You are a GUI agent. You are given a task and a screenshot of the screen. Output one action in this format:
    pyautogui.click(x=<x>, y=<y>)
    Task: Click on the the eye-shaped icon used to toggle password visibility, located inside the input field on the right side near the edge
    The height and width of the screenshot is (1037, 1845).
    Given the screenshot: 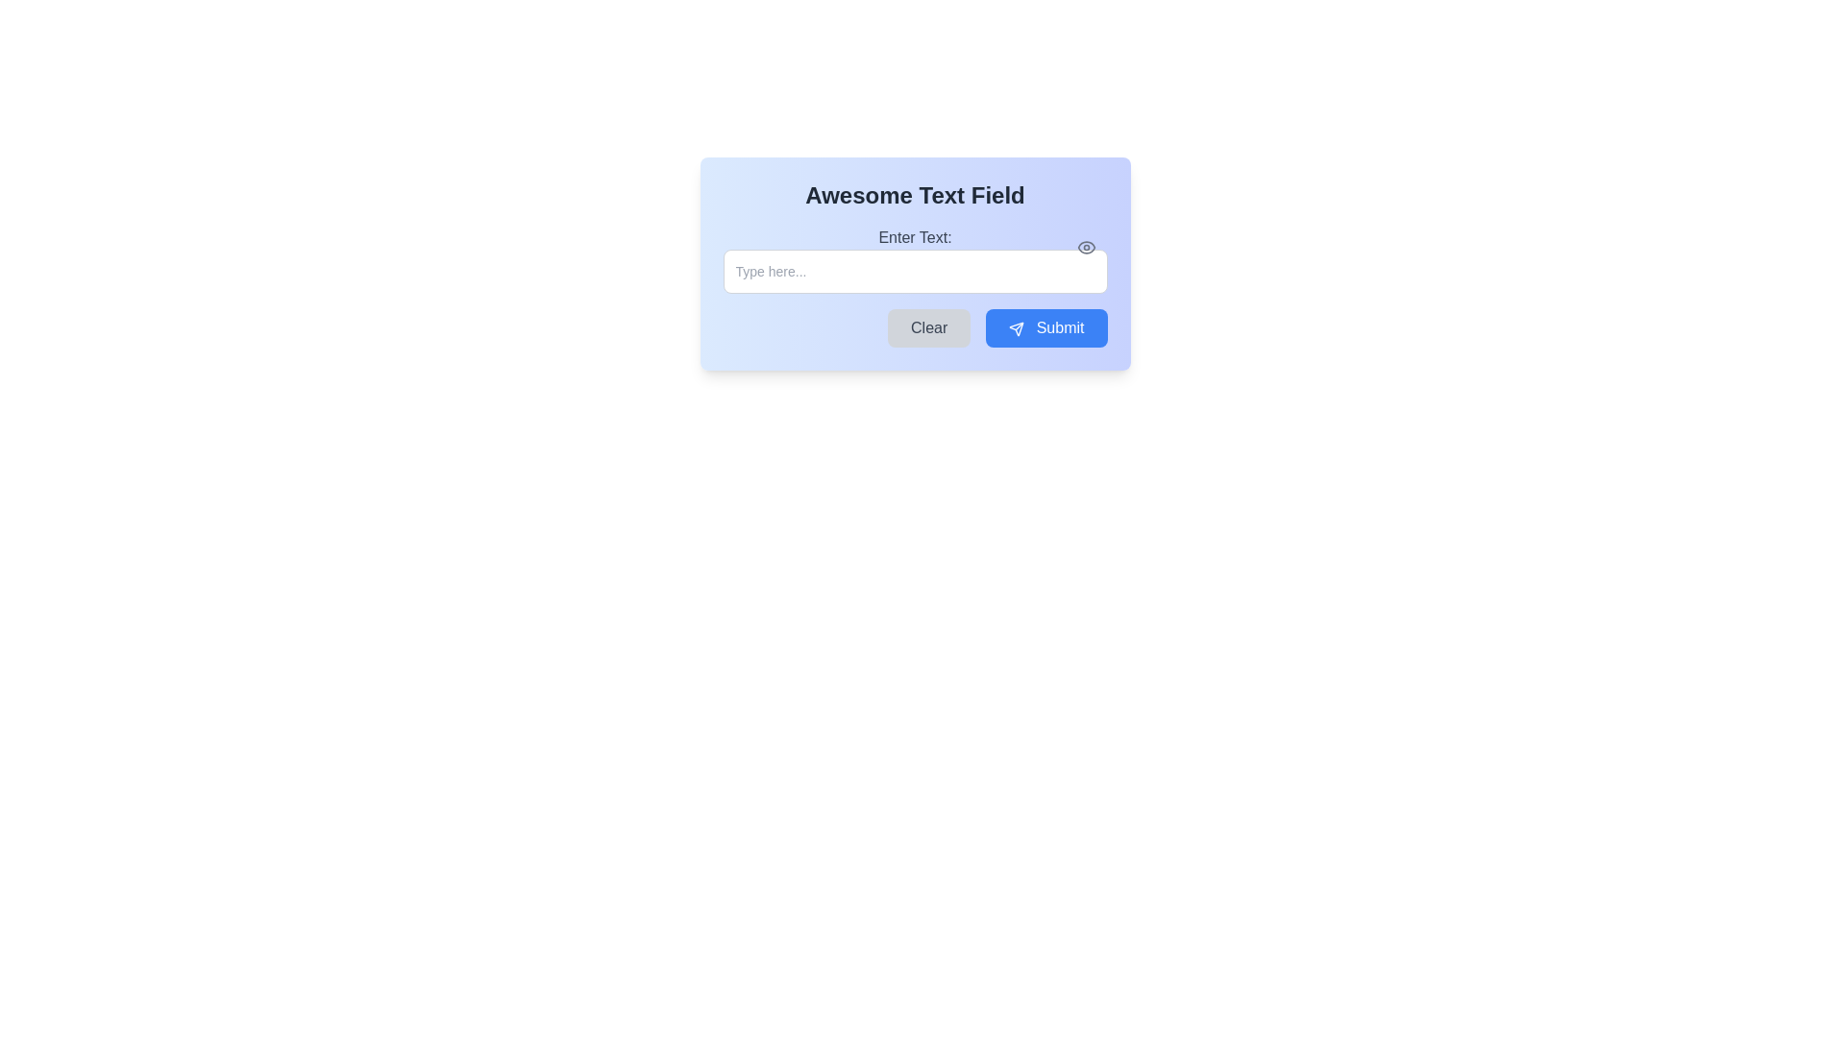 What is the action you would take?
    pyautogui.click(x=1086, y=247)
    